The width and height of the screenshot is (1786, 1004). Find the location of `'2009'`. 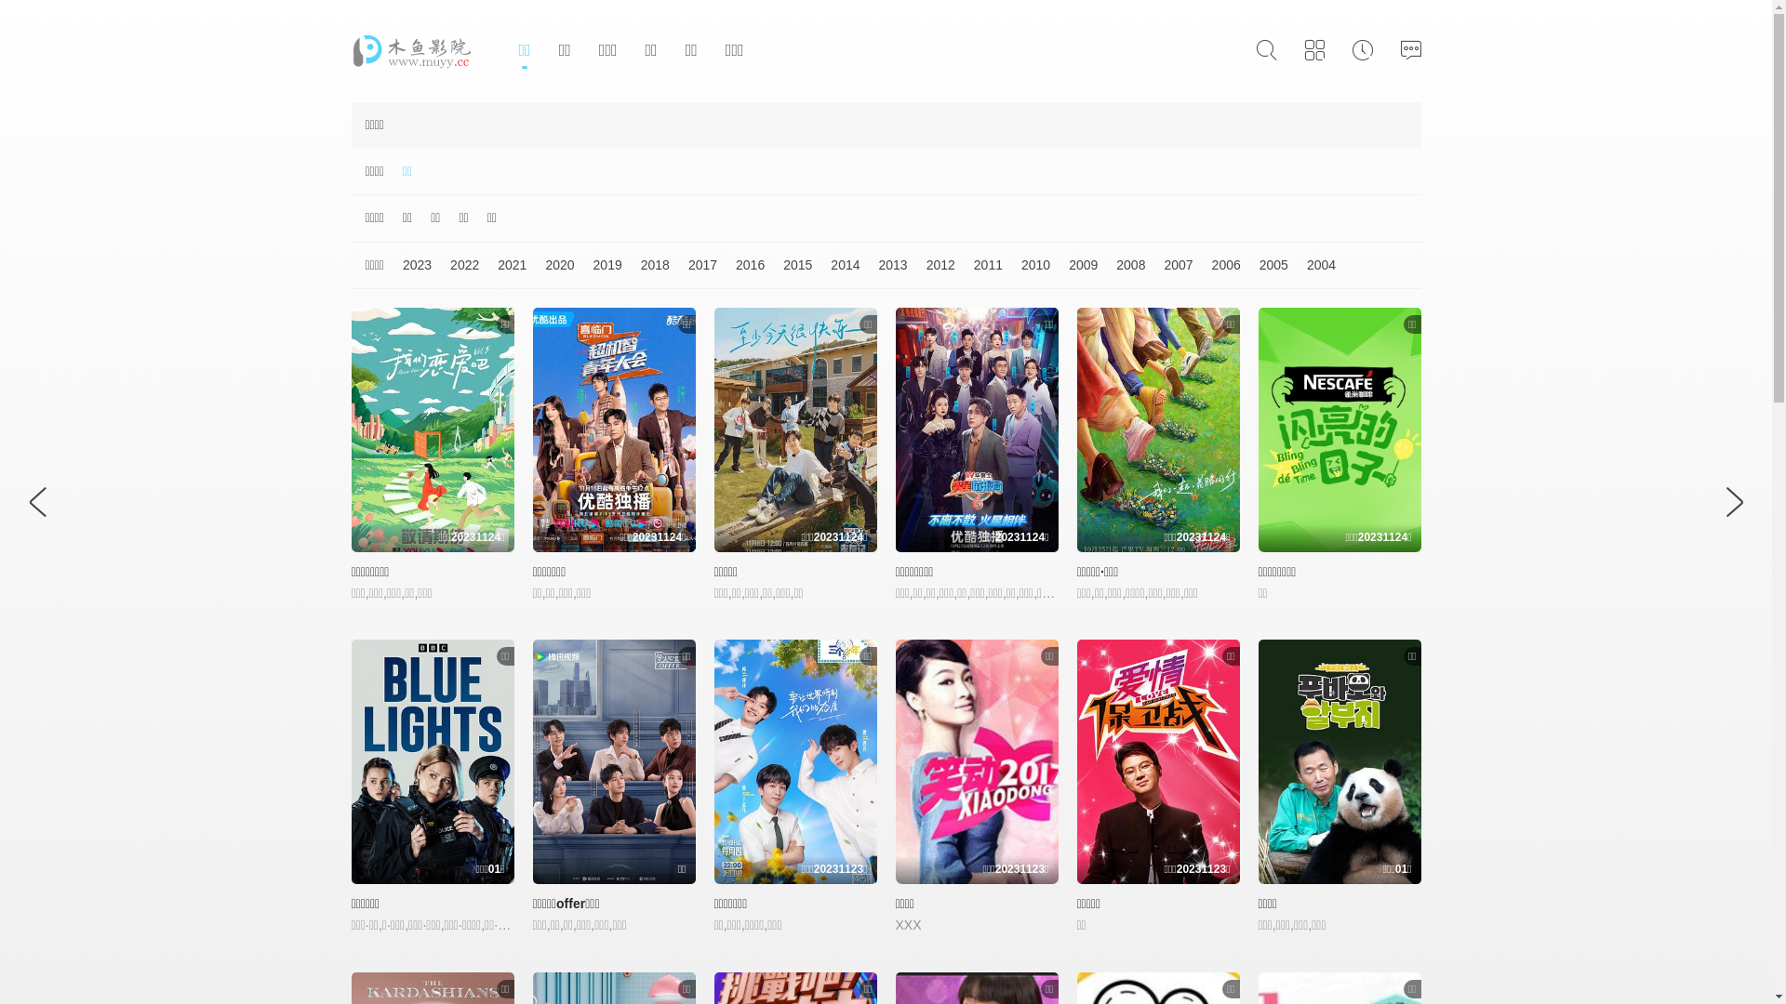

'2009' is located at coordinates (1073, 265).